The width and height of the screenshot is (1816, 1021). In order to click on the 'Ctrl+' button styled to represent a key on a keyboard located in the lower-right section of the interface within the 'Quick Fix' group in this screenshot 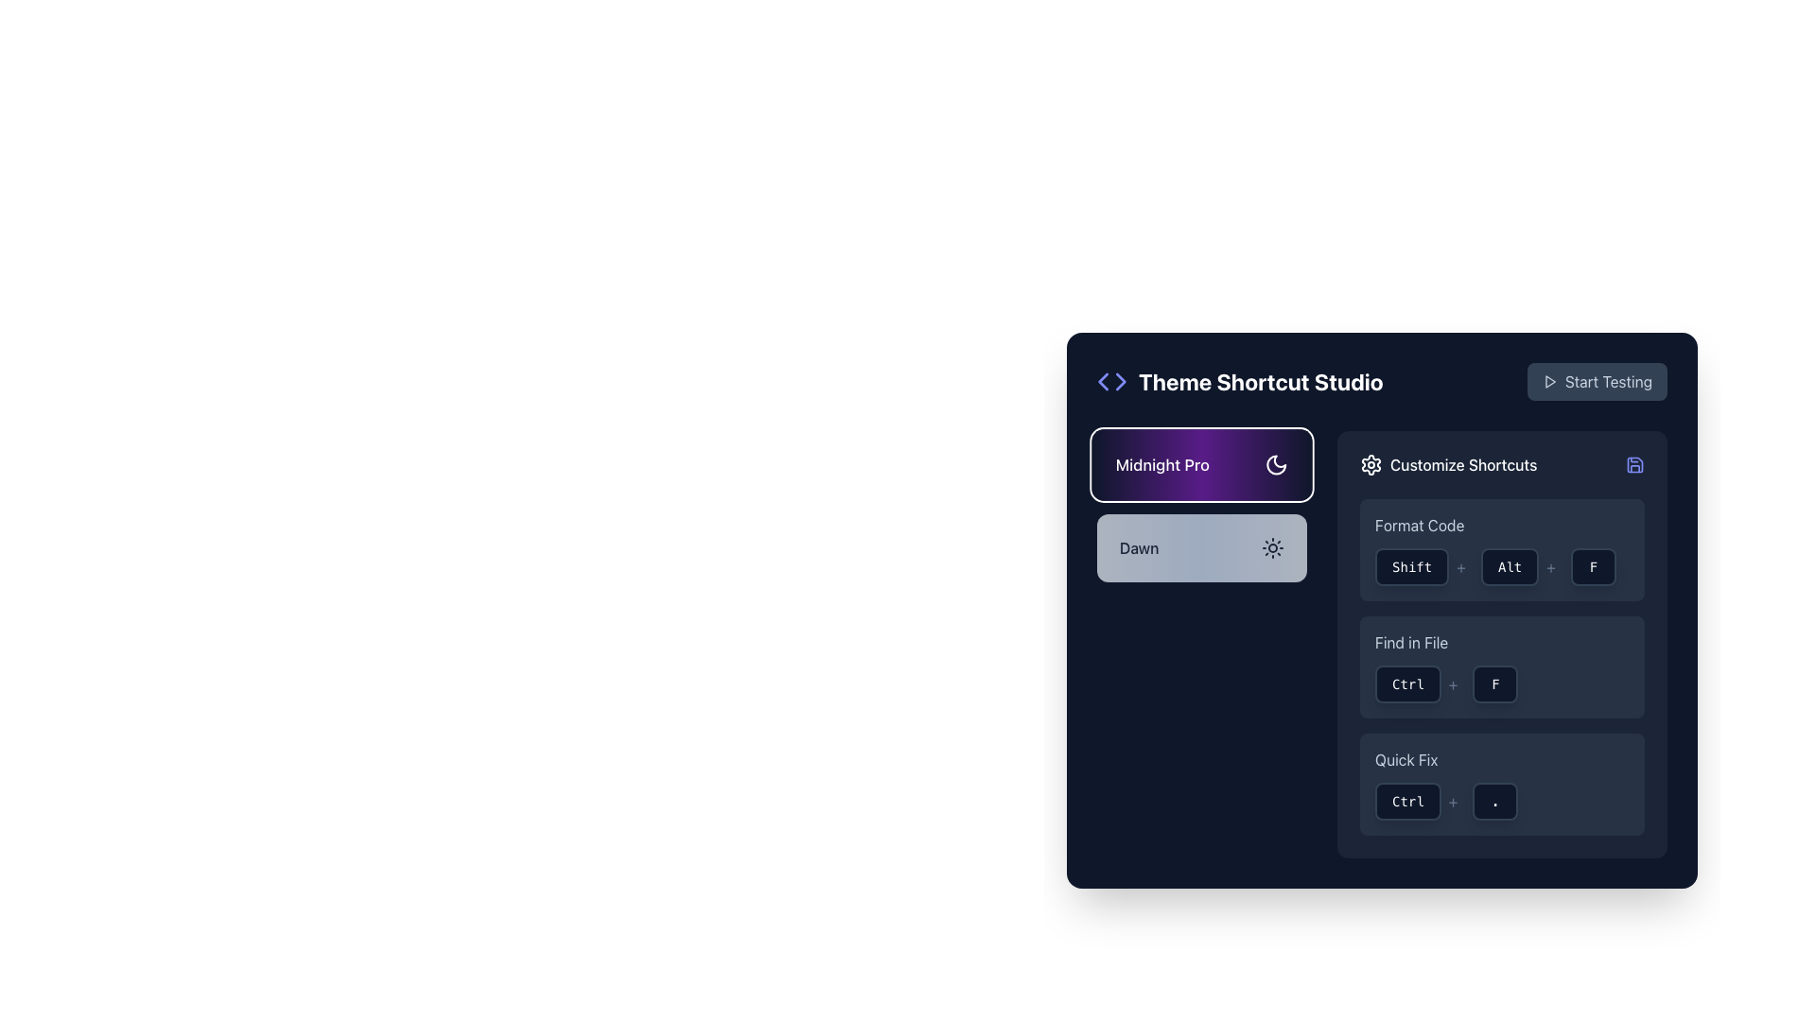, I will do `click(1420, 802)`.